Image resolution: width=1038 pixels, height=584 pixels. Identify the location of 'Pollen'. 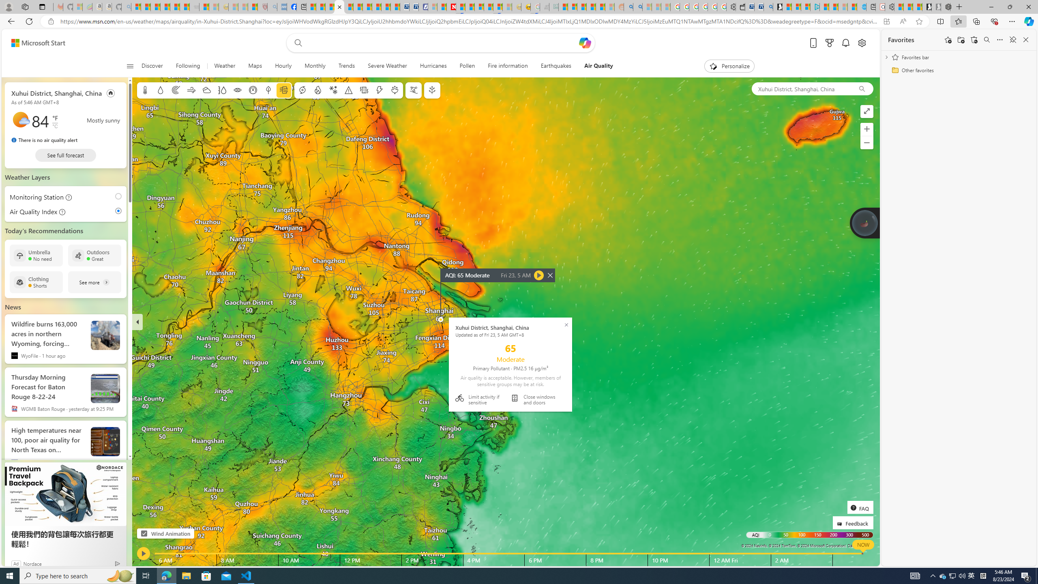
(467, 66).